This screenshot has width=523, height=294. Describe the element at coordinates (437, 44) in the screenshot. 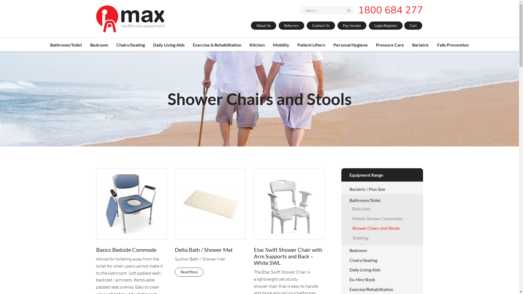

I see `'Falls Prevention'` at that location.